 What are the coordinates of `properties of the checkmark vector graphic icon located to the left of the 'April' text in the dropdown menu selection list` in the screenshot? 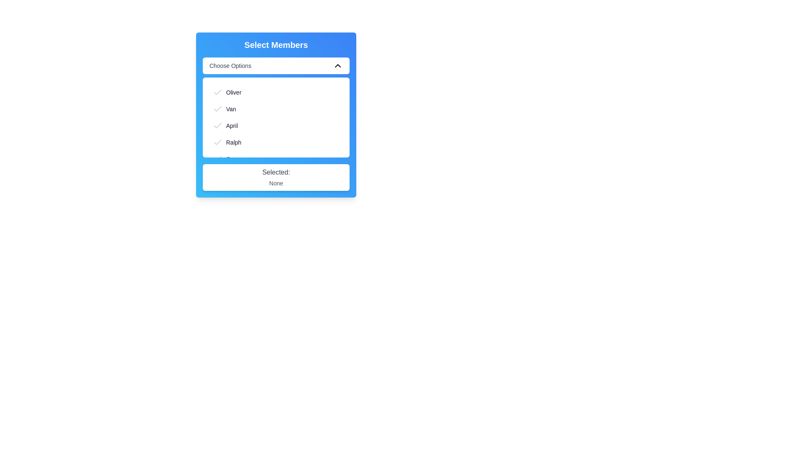 It's located at (218, 125).